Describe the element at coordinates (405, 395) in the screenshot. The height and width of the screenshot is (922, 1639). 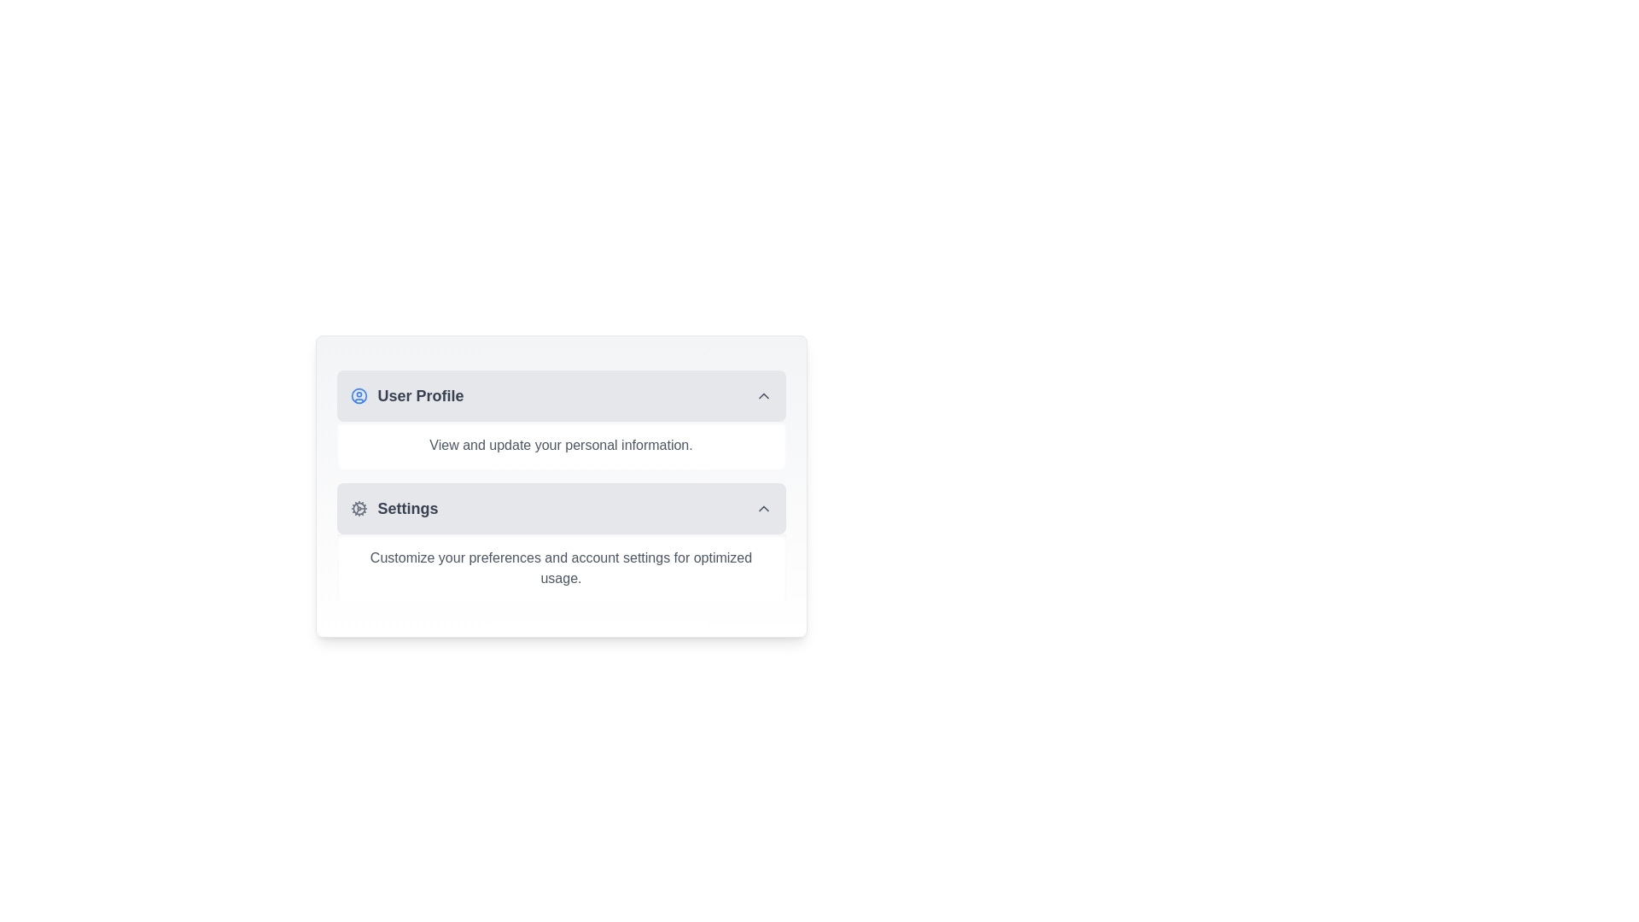
I see `the 'User Profile' text element, which is bold dark grey and located in the upper section of the settings menu, next to a blue user profile icon` at that location.